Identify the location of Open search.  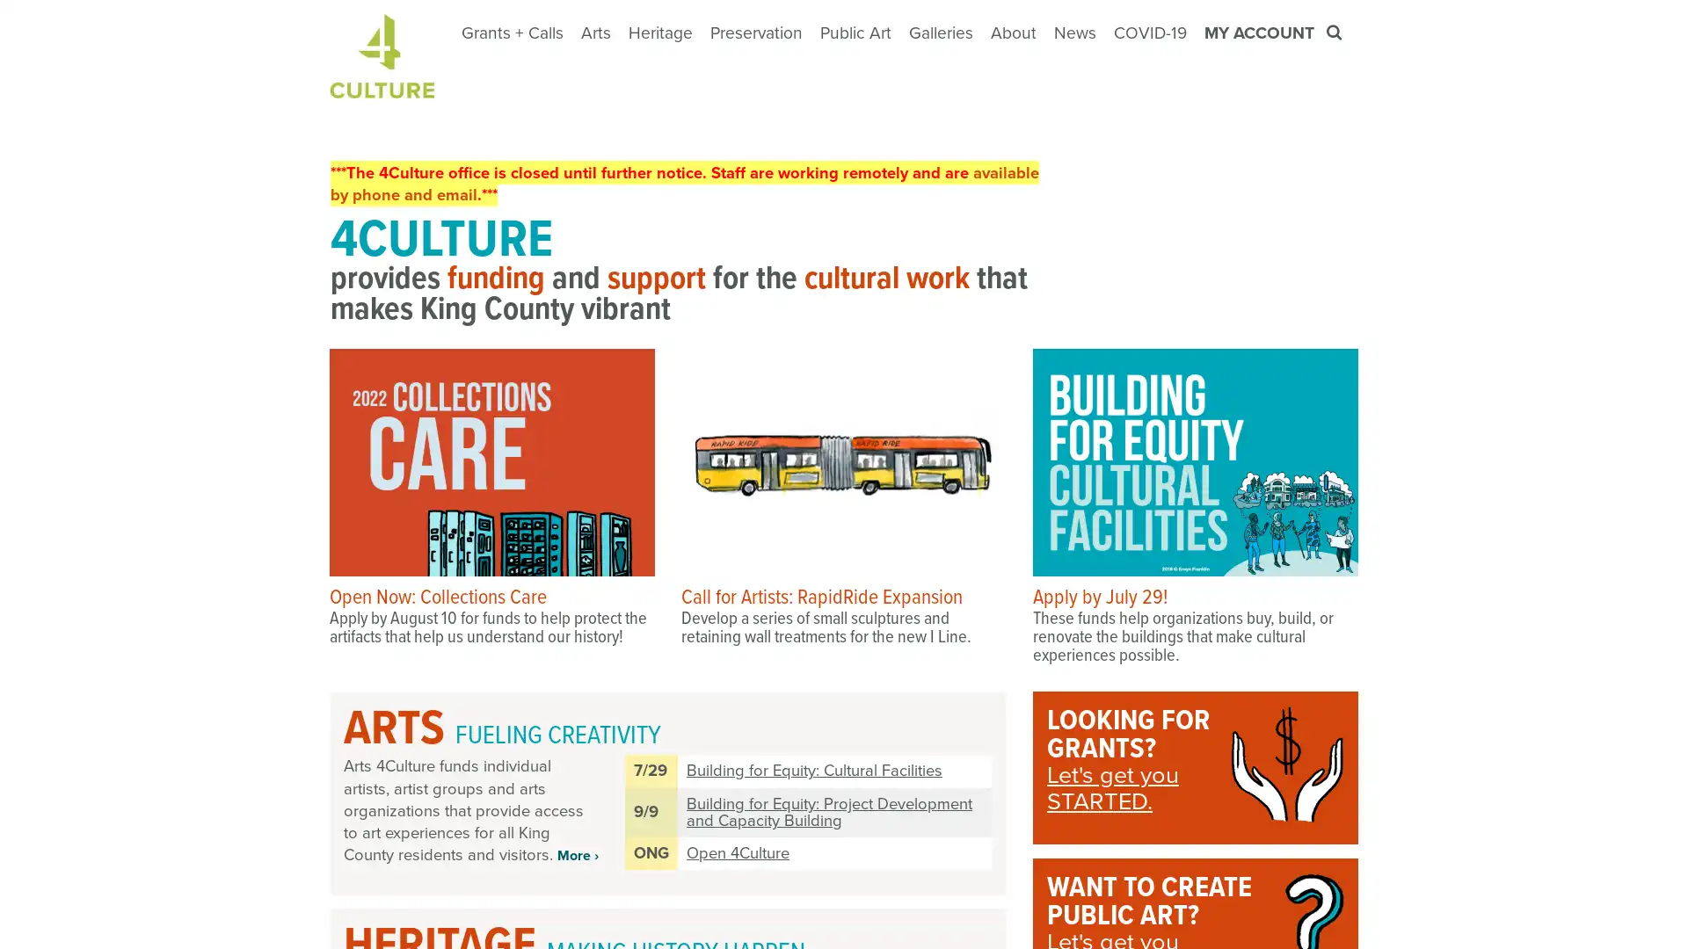
(1335, 33).